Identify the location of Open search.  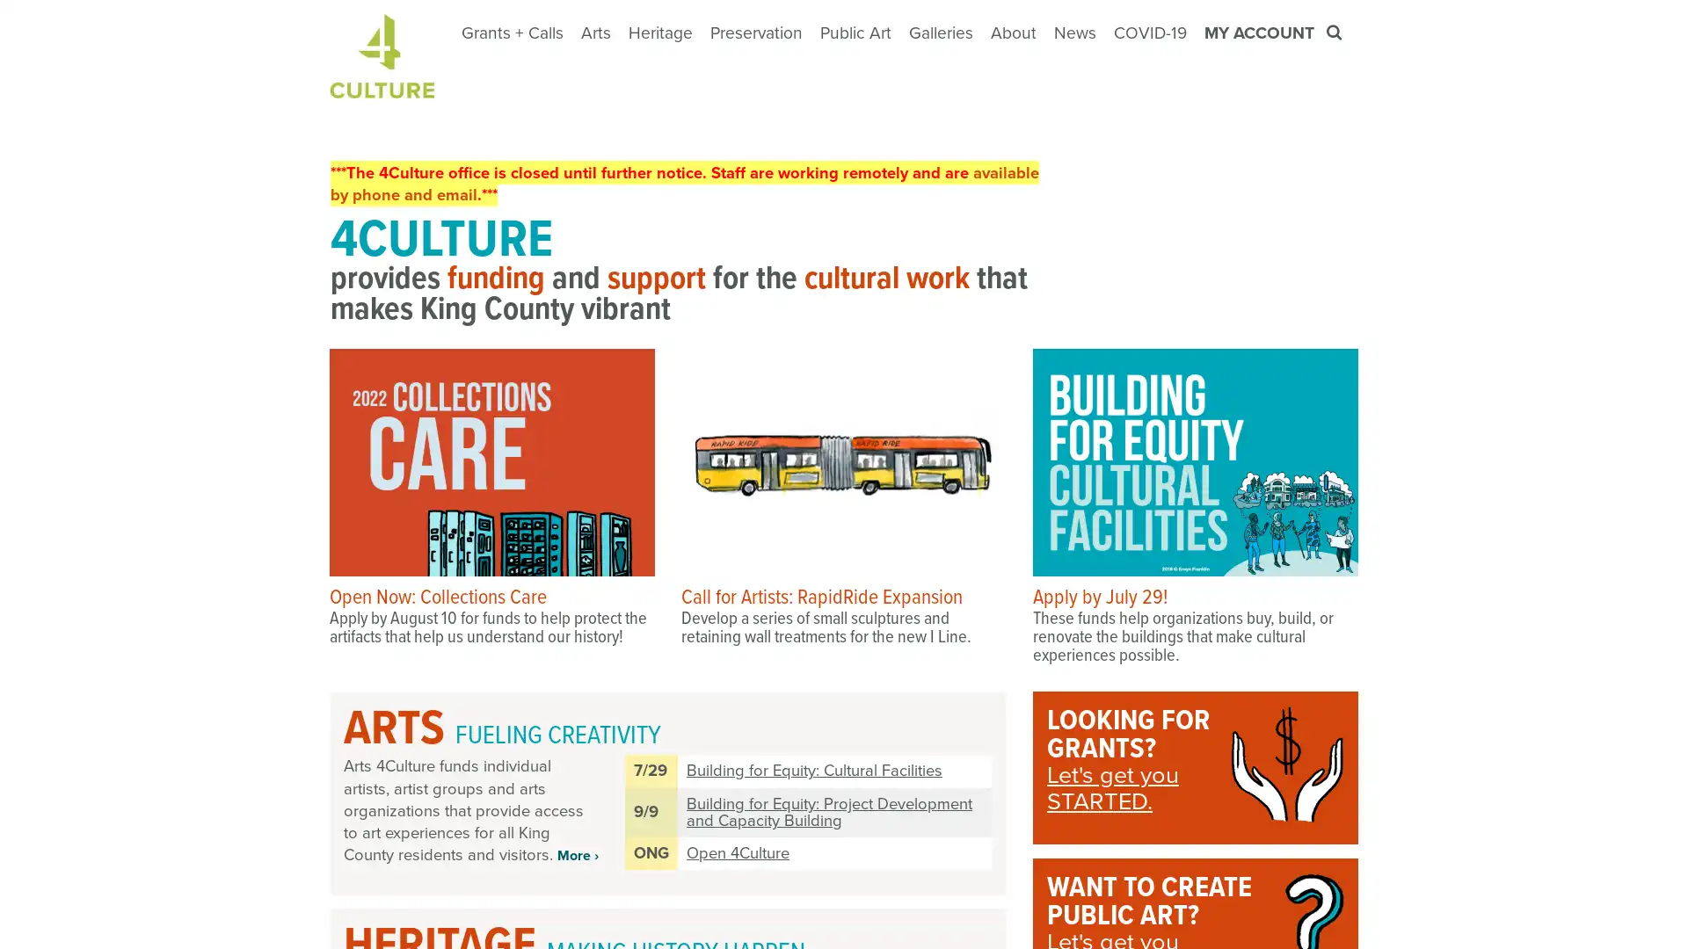
(1335, 33).